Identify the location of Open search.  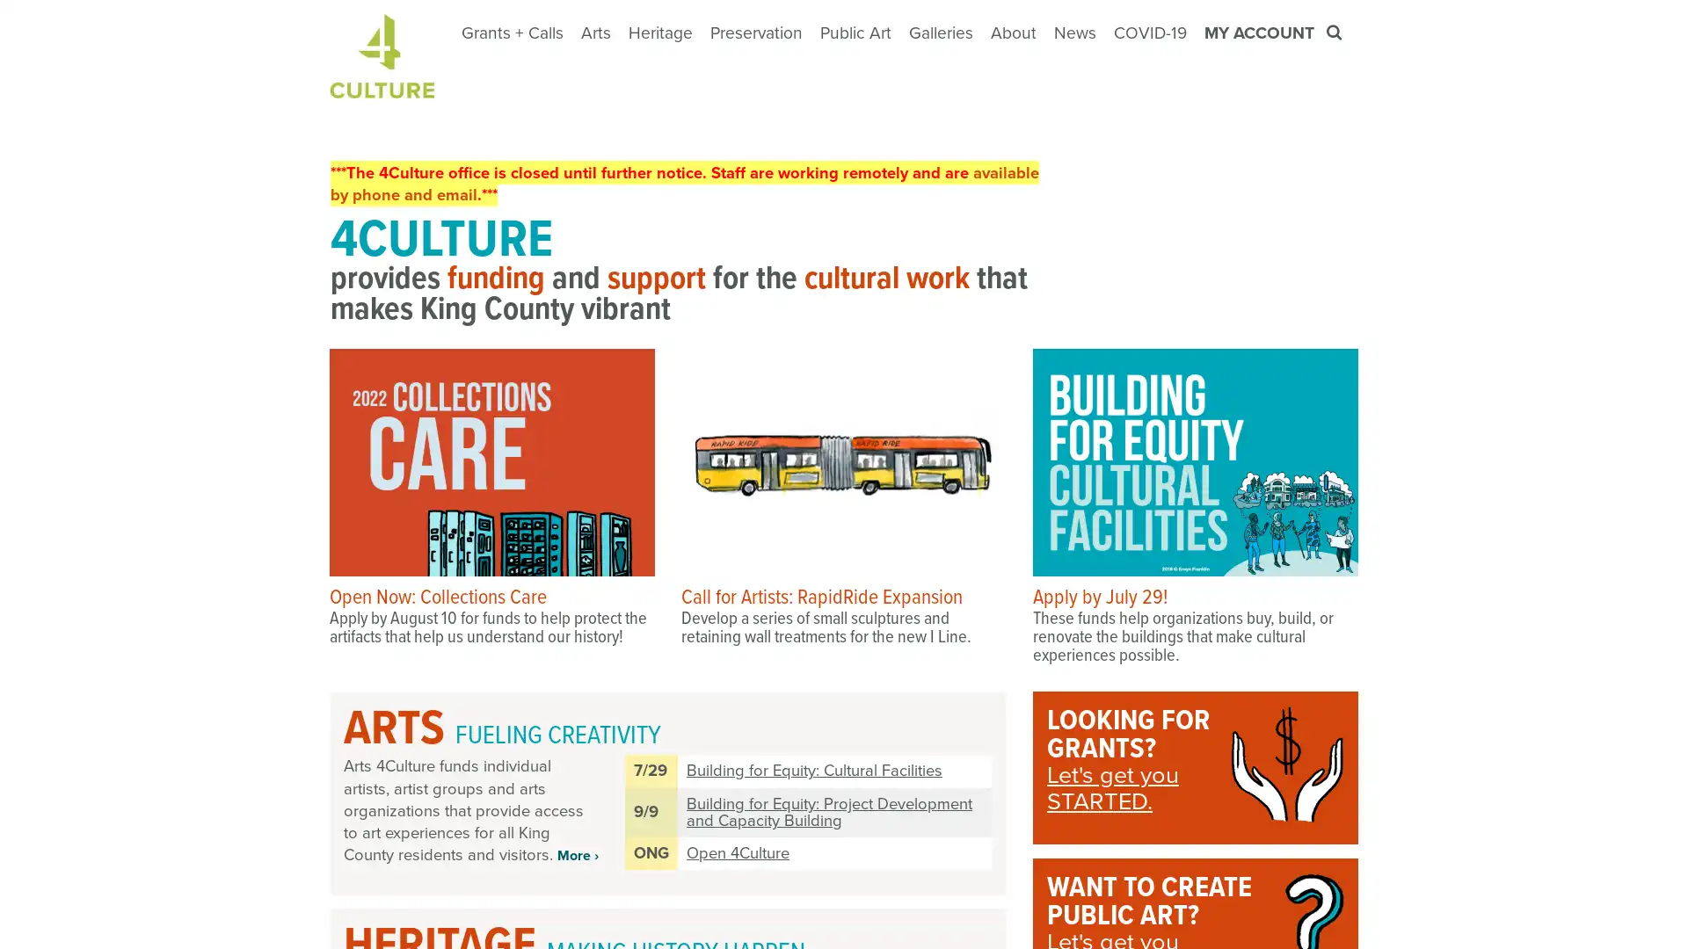
(1335, 33).